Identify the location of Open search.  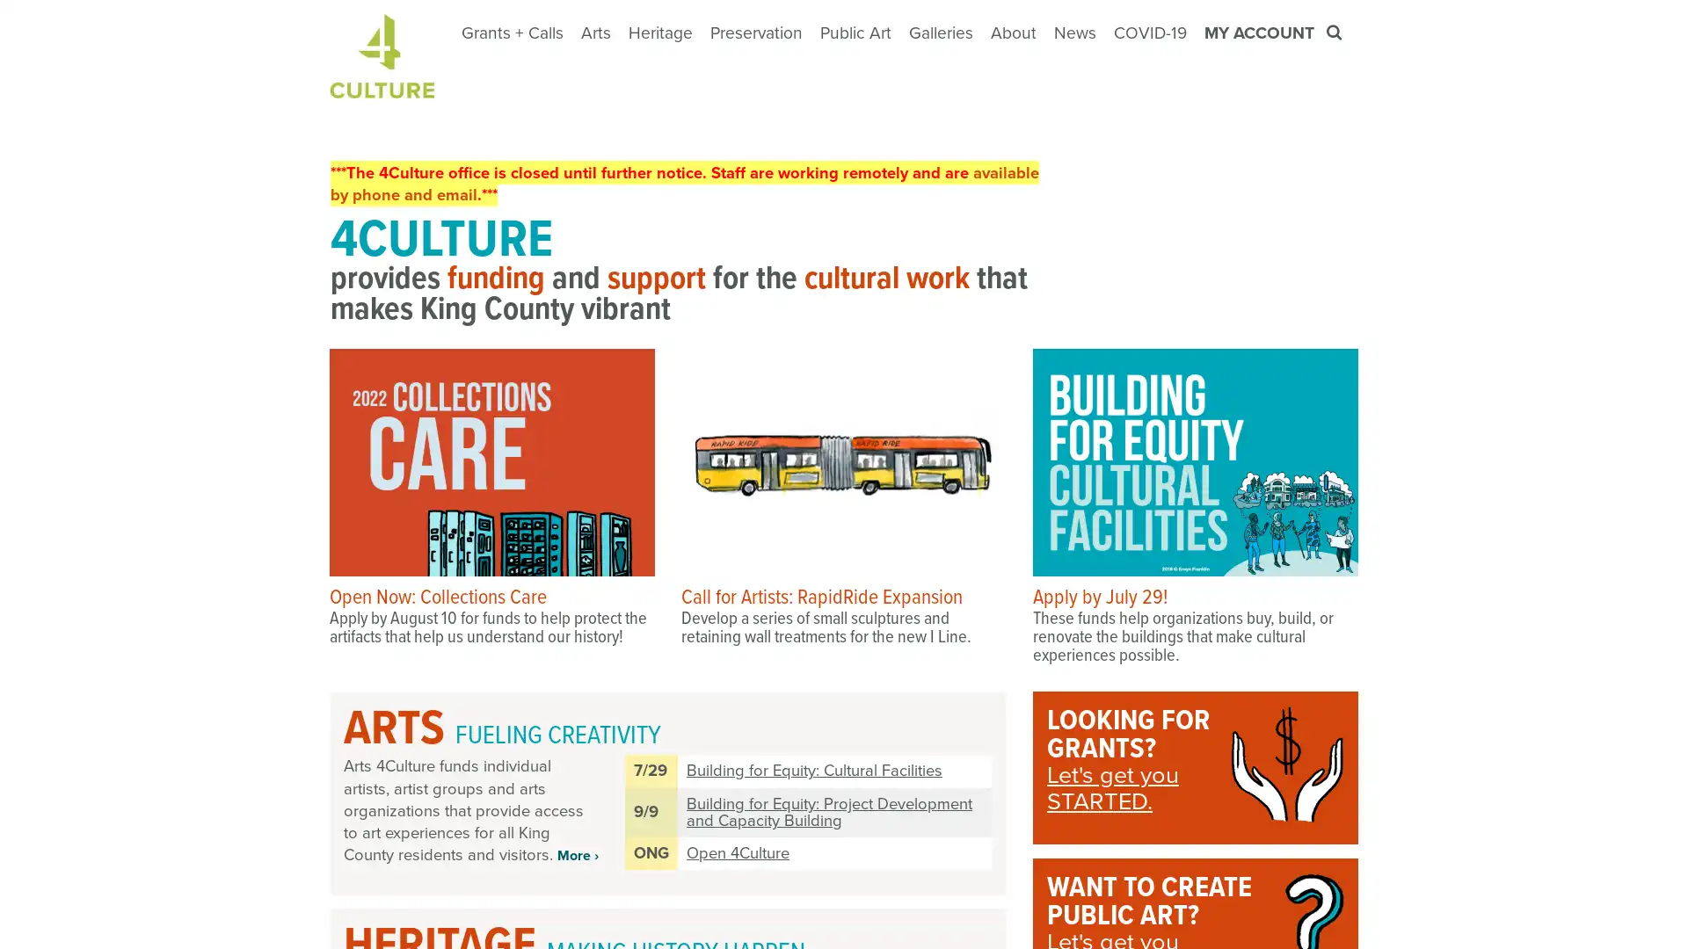
(1335, 33).